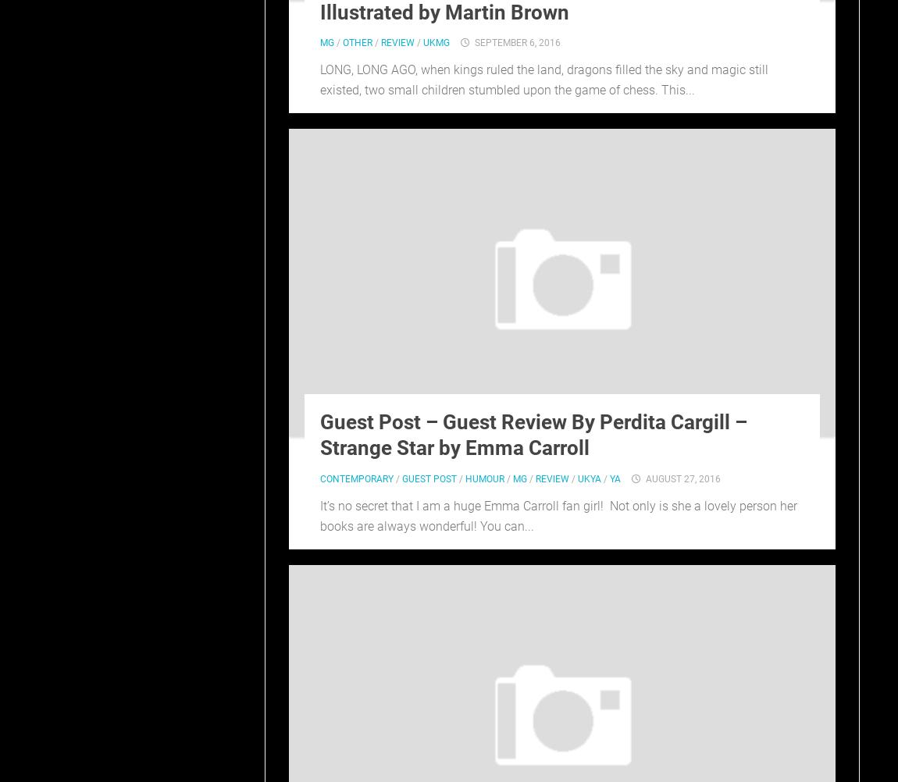 The image size is (898, 782). Describe the element at coordinates (465, 478) in the screenshot. I see `'Humour'` at that location.